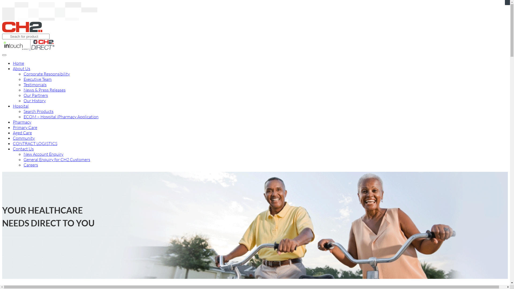 The width and height of the screenshot is (514, 289). I want to click on 'Search Products', so click(38, 111).